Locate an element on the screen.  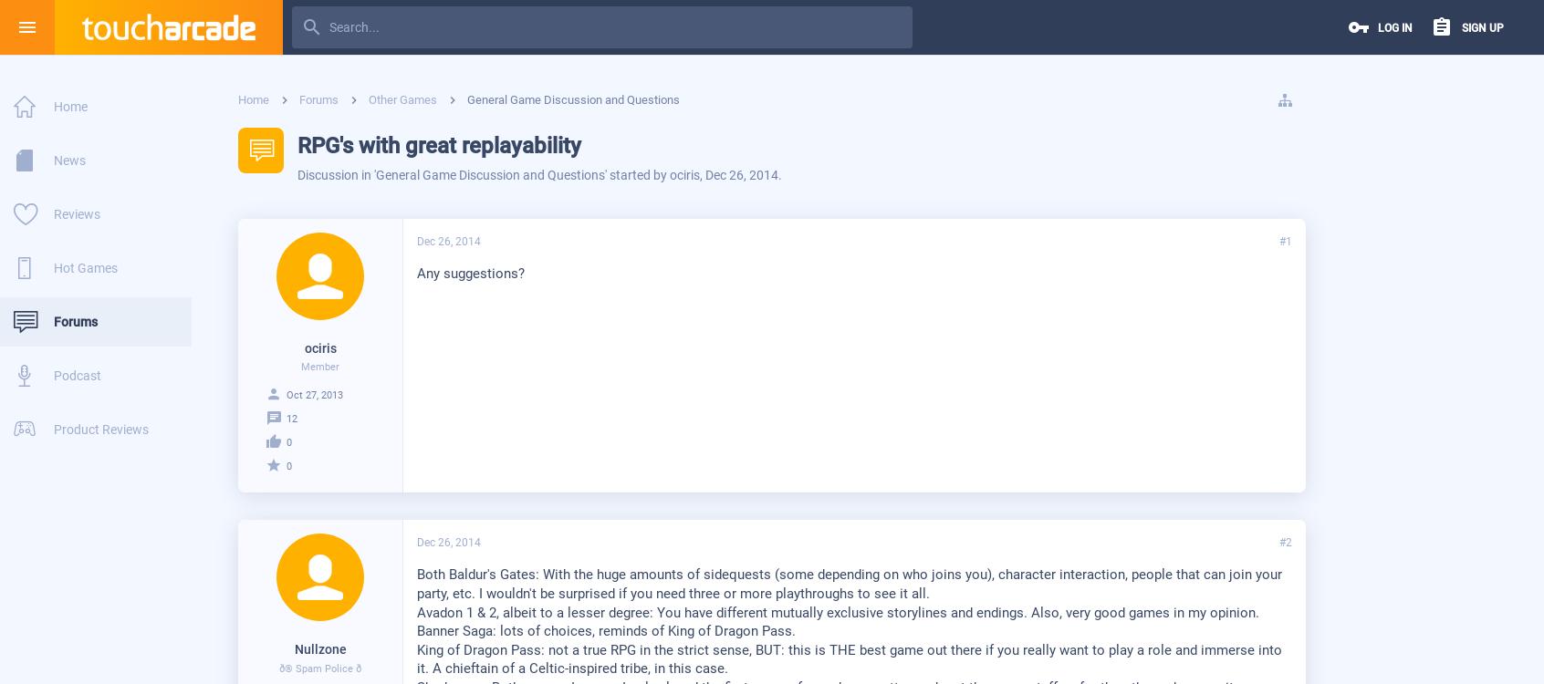
'Nullzone' is located at coordinates (318, 648).